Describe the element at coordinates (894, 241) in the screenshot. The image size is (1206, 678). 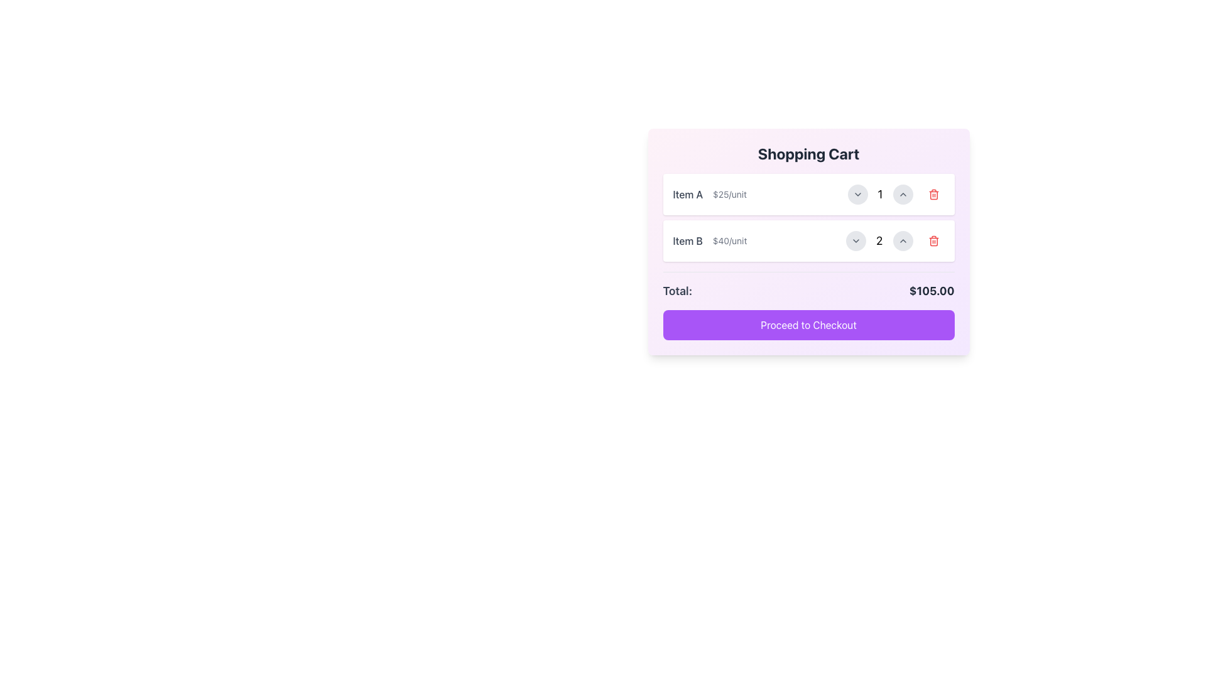
I see `the number '2' displayed between the decrement and increment buttons in the 'Item B' row` at that location.